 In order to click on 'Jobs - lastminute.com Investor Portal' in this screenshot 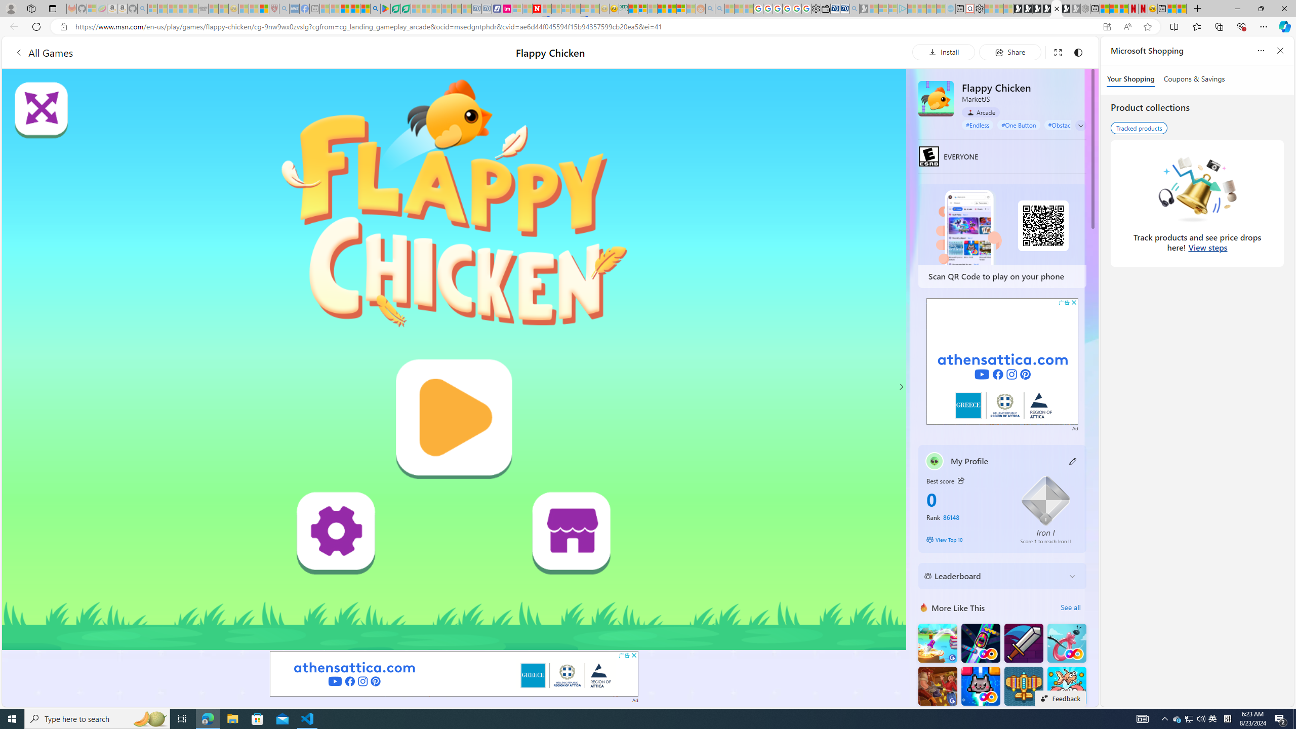, I will do `click(506, 8)`.